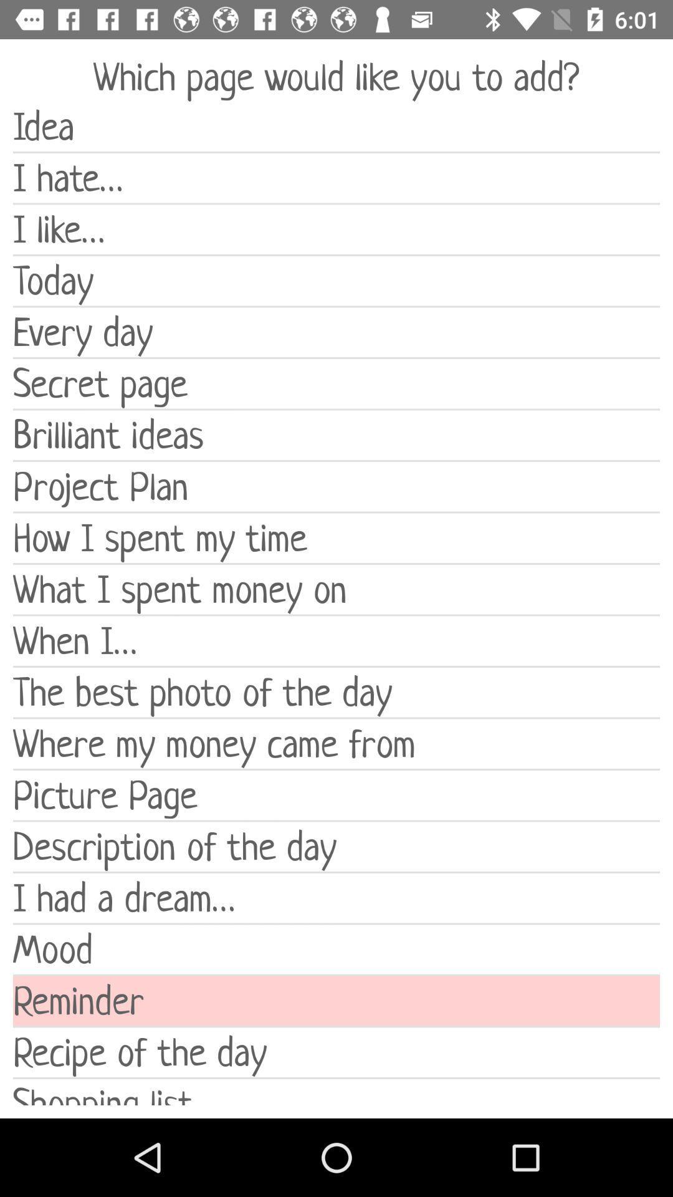  I want to click on the icon above the picture page, so click(336, 744).